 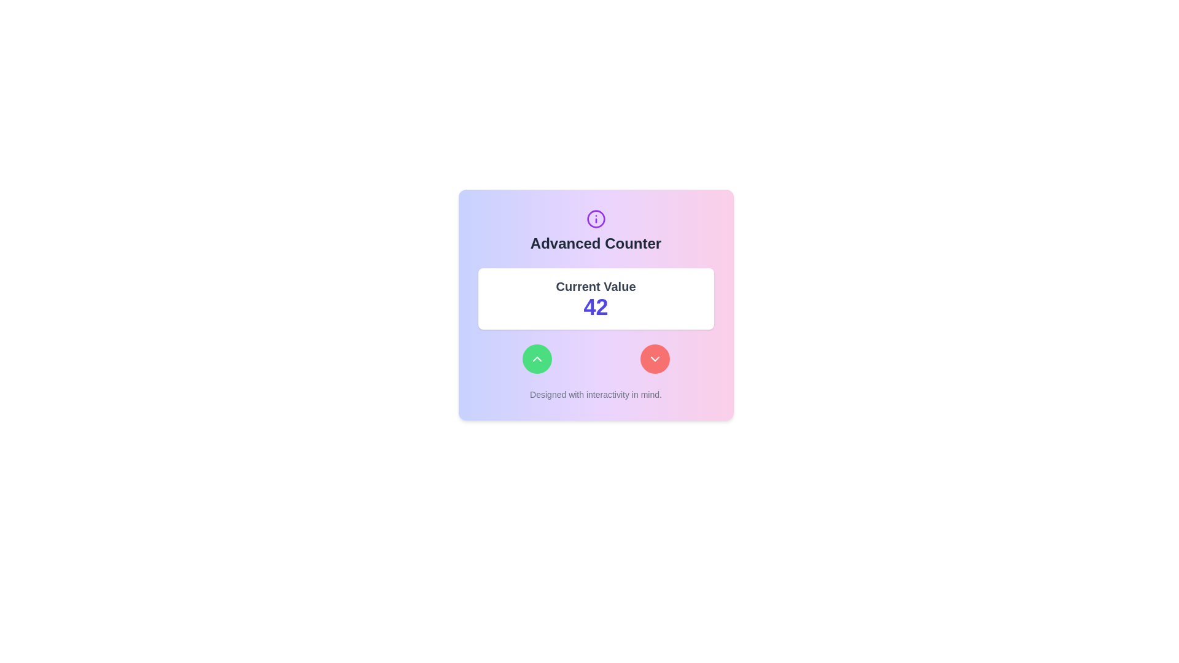 What do you see at coordinates (654, 359) in the screenshot?
I see `the decrement button located at the bottom-right of the primary card interface` at bounding box center [654, 359].